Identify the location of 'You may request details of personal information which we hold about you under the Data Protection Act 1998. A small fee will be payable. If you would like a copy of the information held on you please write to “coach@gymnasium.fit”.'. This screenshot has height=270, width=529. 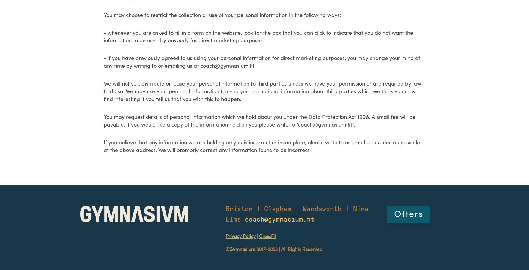
(259, 121).